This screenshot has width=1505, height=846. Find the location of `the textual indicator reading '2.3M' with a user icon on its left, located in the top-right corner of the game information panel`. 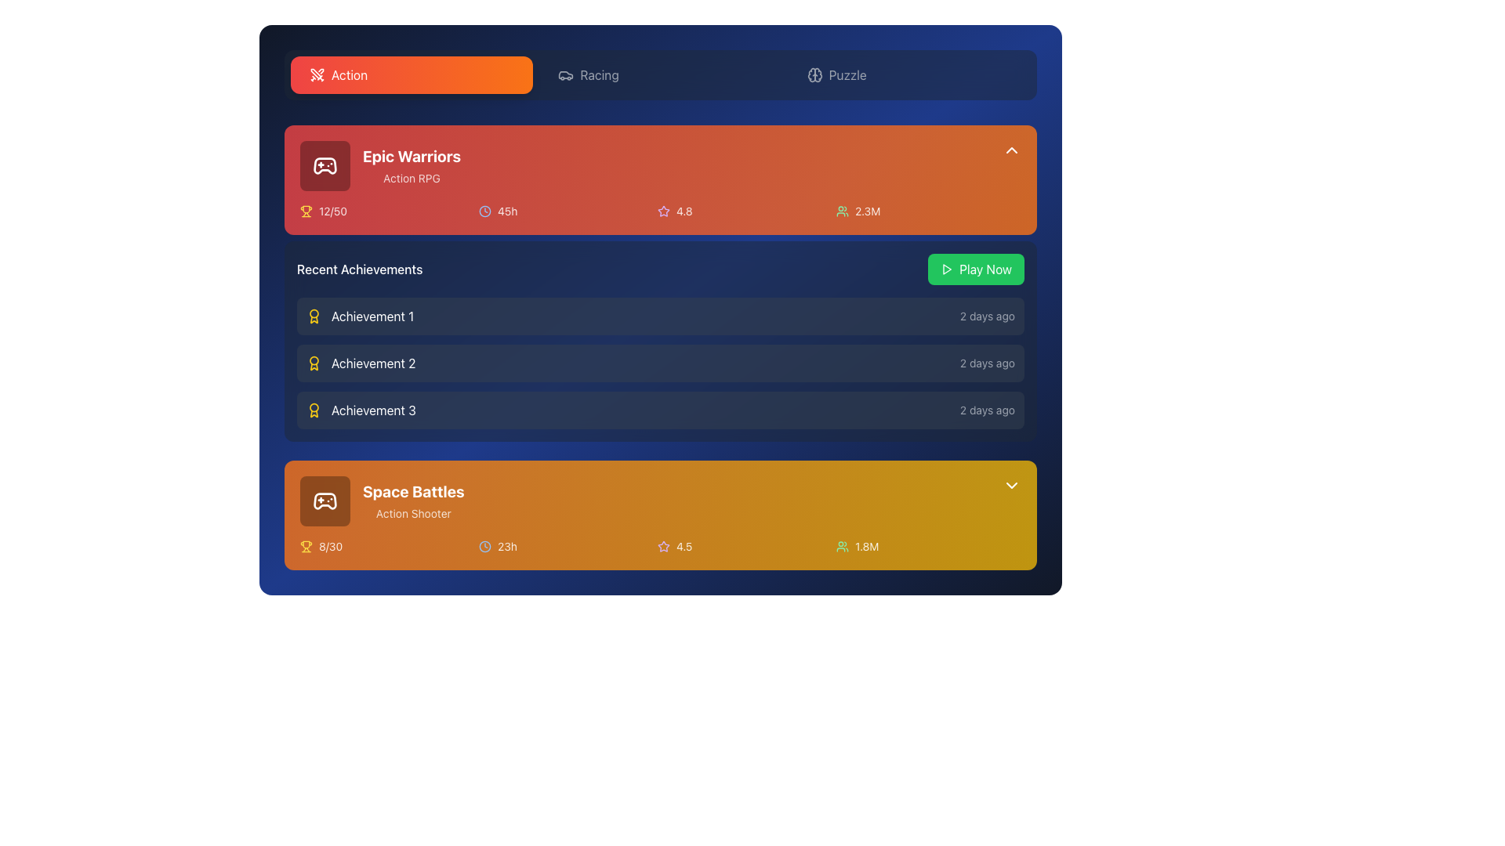

the textual indicator reading '2.3M' with a user icon on its left, located in the top-right corner of the game information panel is located at coordinates (919, 211).